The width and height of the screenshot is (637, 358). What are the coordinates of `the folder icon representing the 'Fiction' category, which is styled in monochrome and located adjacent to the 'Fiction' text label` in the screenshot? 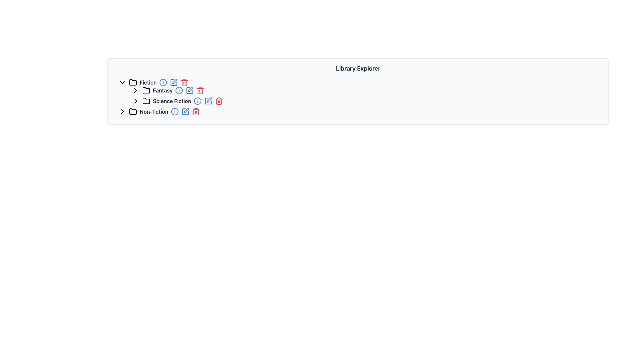 It's located at (133, 82).